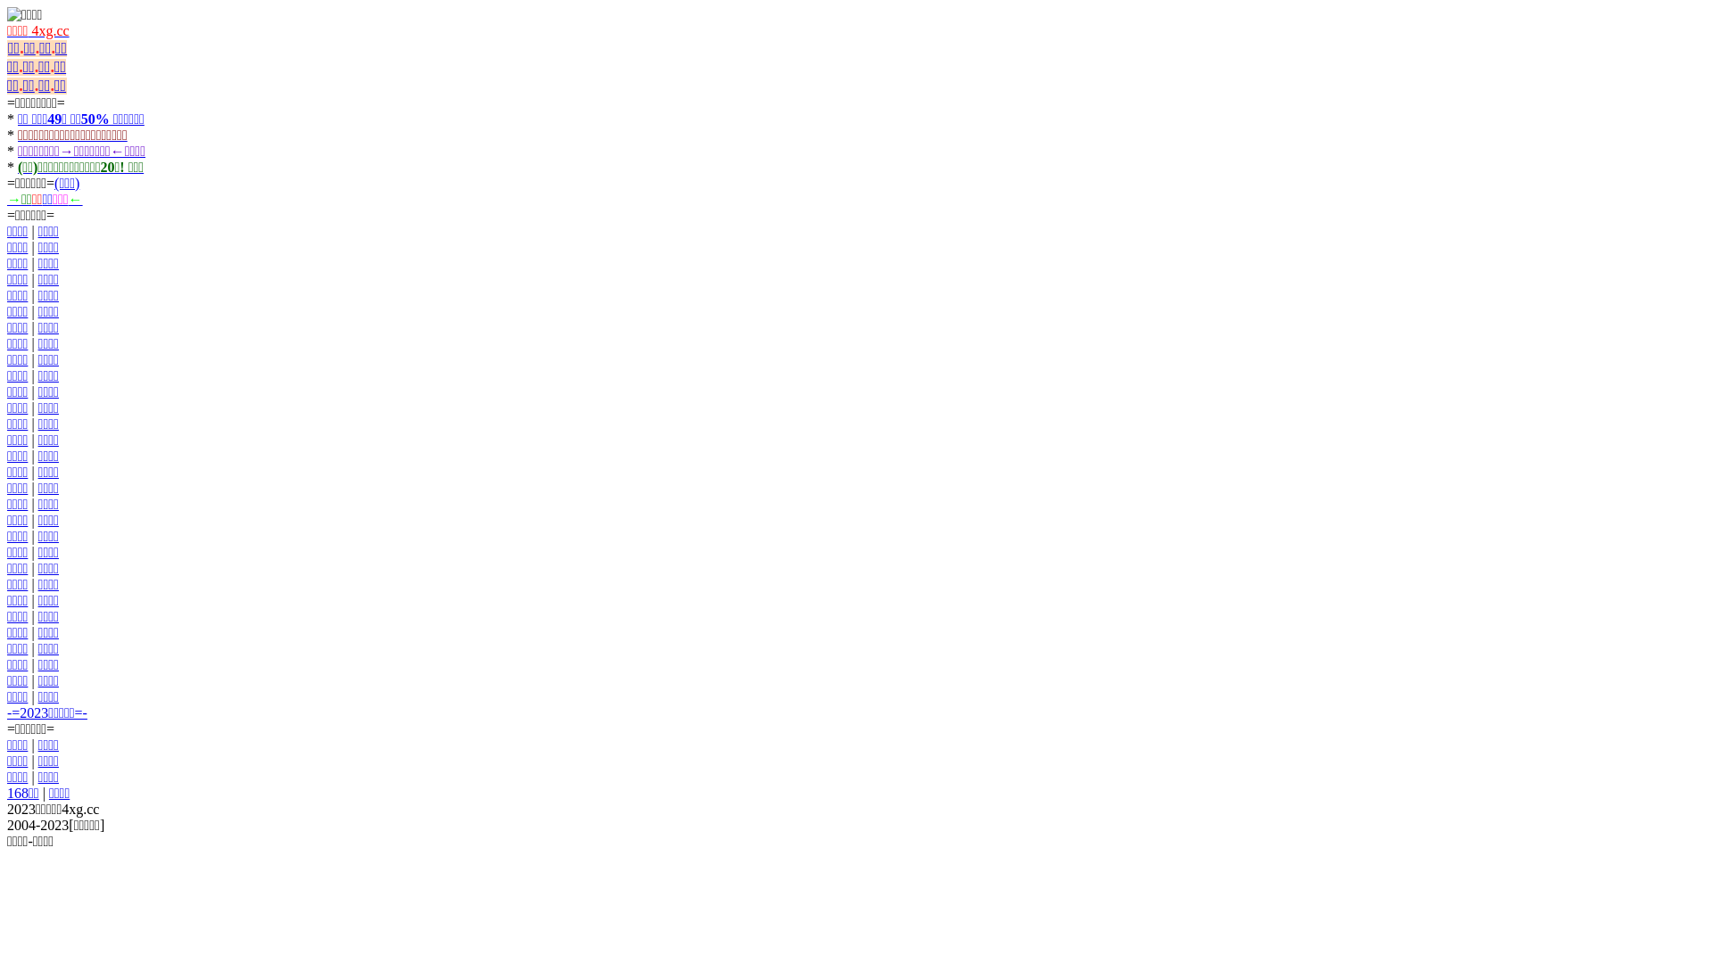  What do you see at coordinates (47, 30) in the screenshot?
I see `'4xg.cc'` at bounding box center [47, 30].